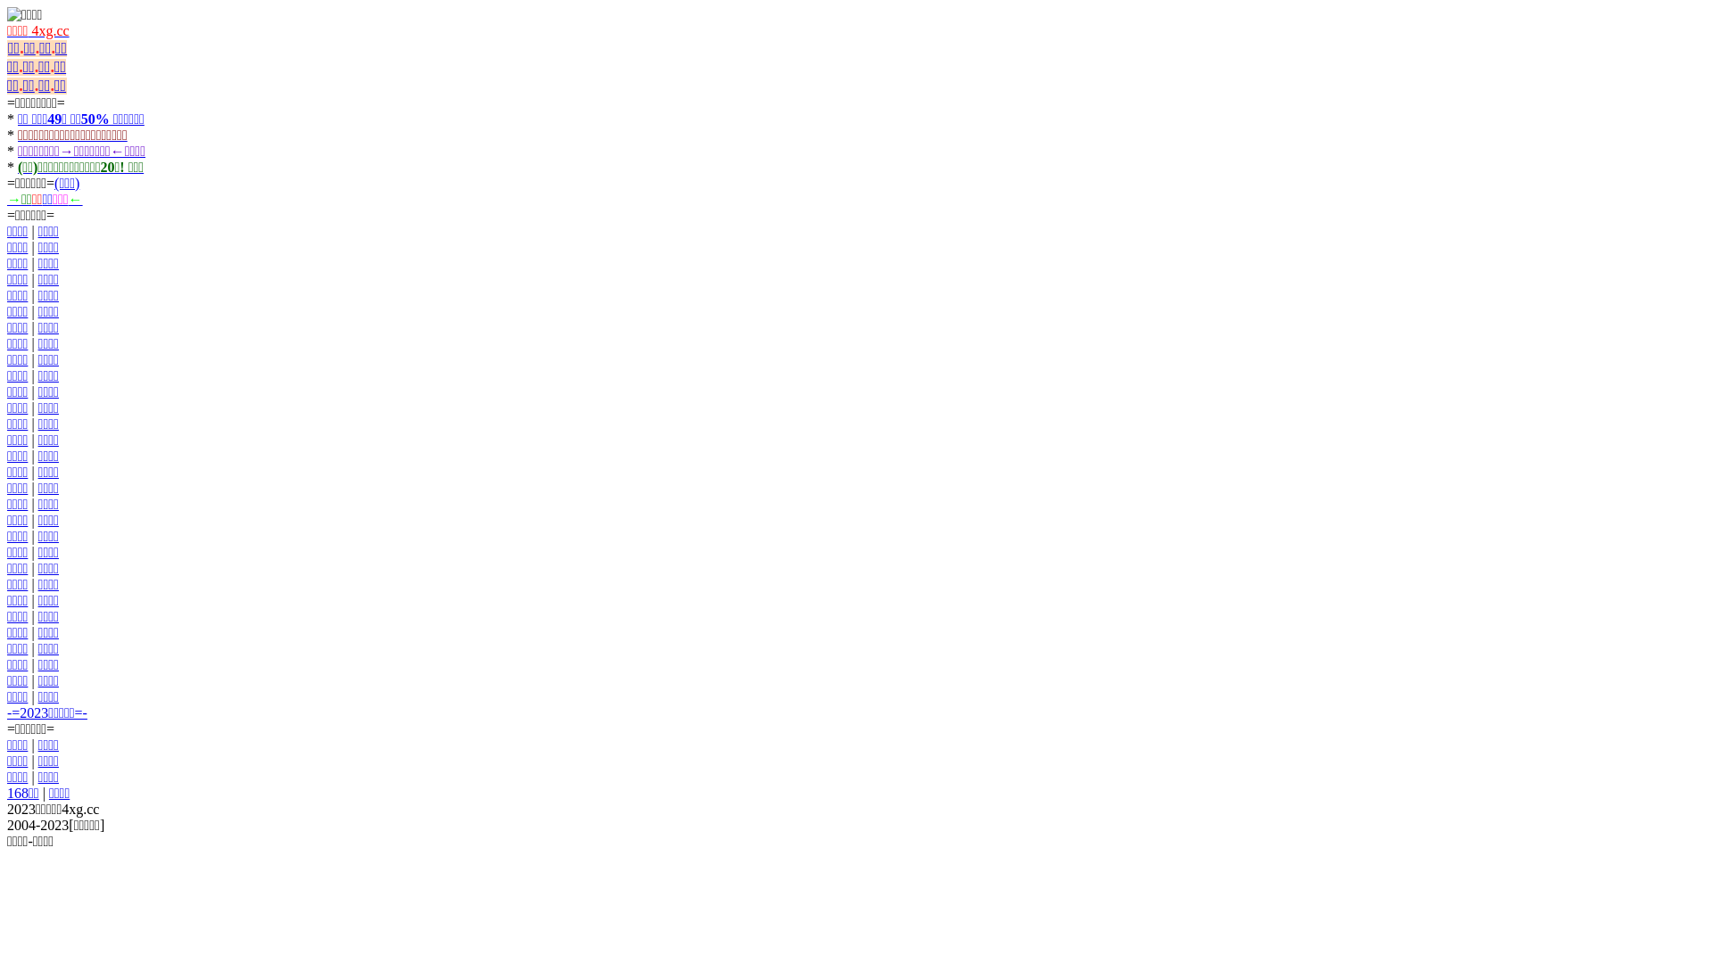  What do you see at coordinates (47, 30) in the screenshot?
I see `'4xg.cc'` at bounding box center [47, 30].